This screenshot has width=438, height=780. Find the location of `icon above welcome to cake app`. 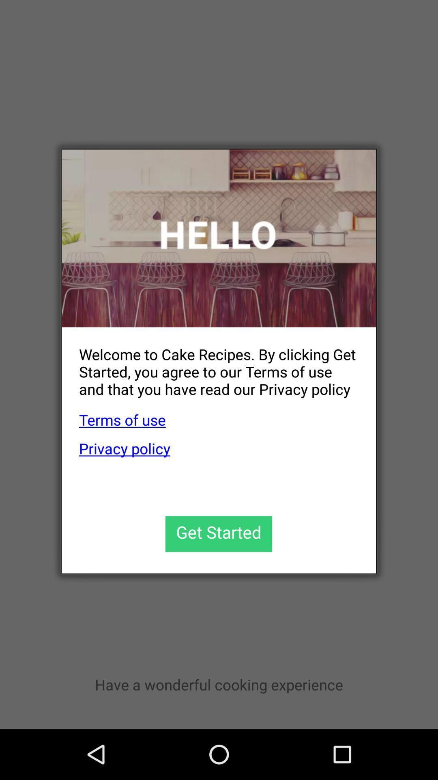

icon above welcome to cake app is located at coordinates (219, 238).